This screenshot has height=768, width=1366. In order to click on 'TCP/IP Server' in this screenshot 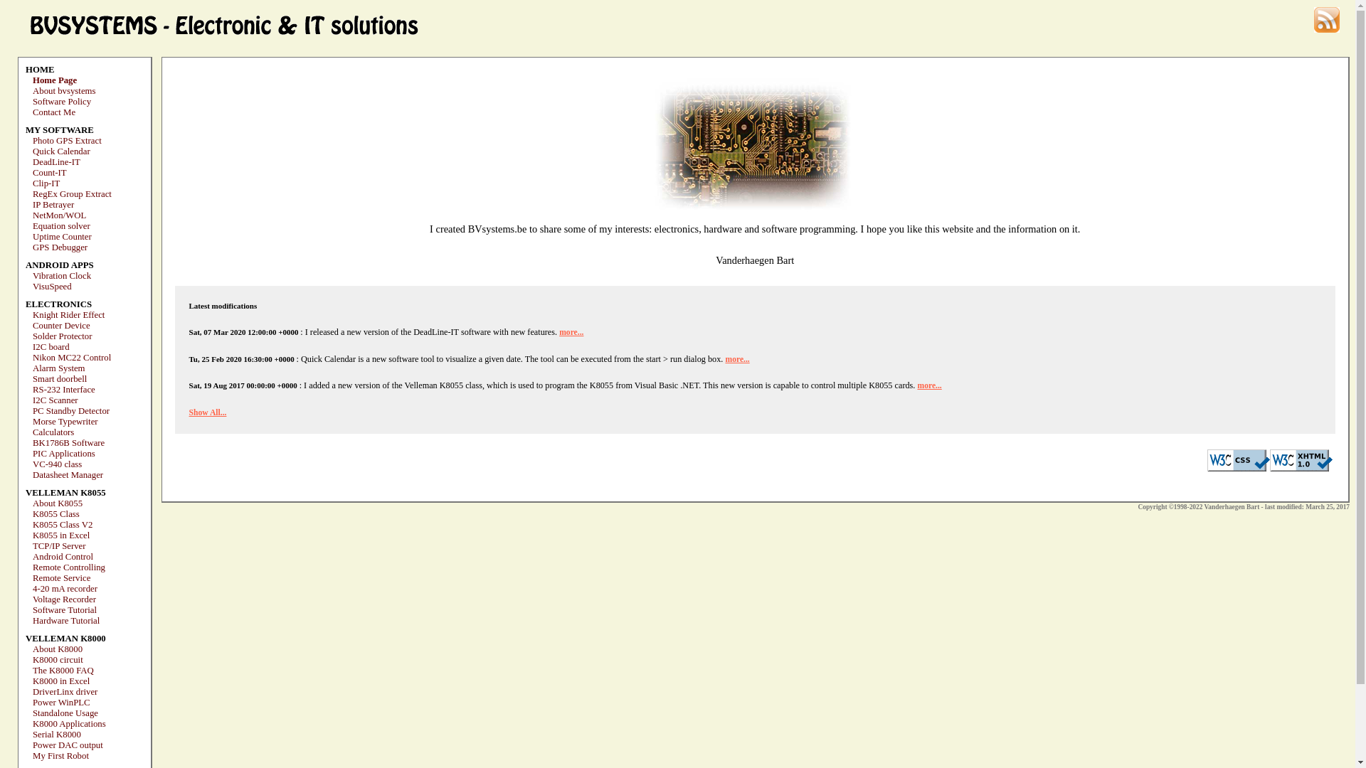, I will do `click(58, 545)`.